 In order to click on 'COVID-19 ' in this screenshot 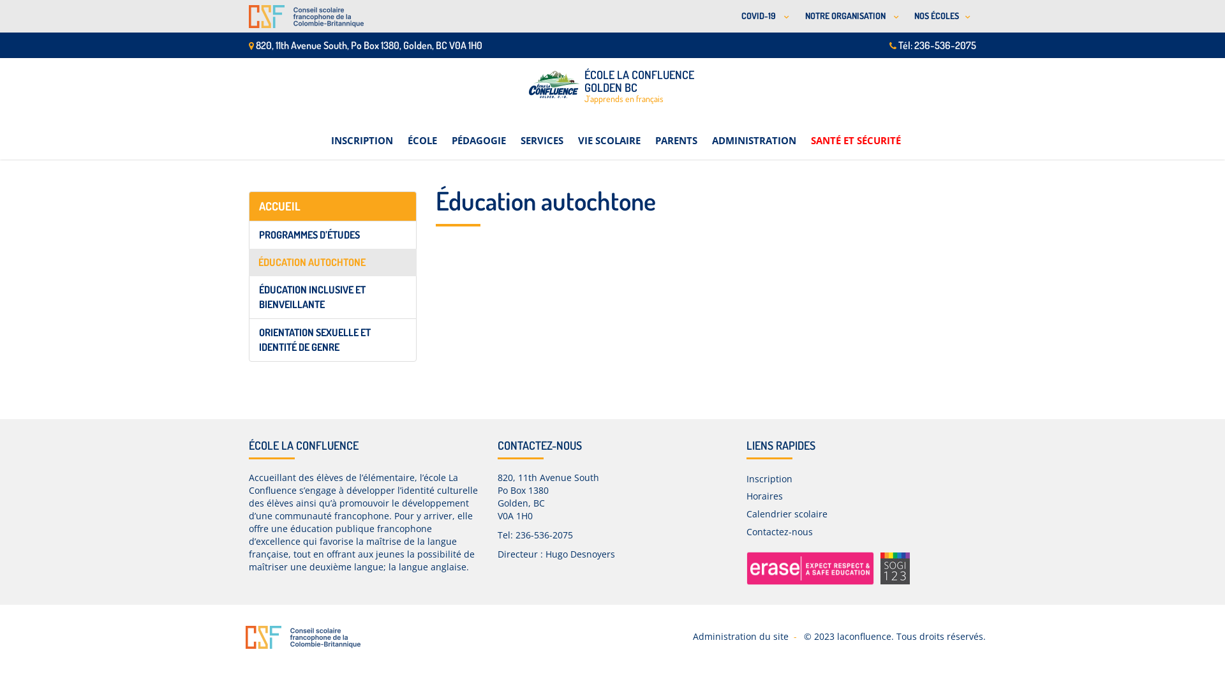, I will do `click(763, 16)`.